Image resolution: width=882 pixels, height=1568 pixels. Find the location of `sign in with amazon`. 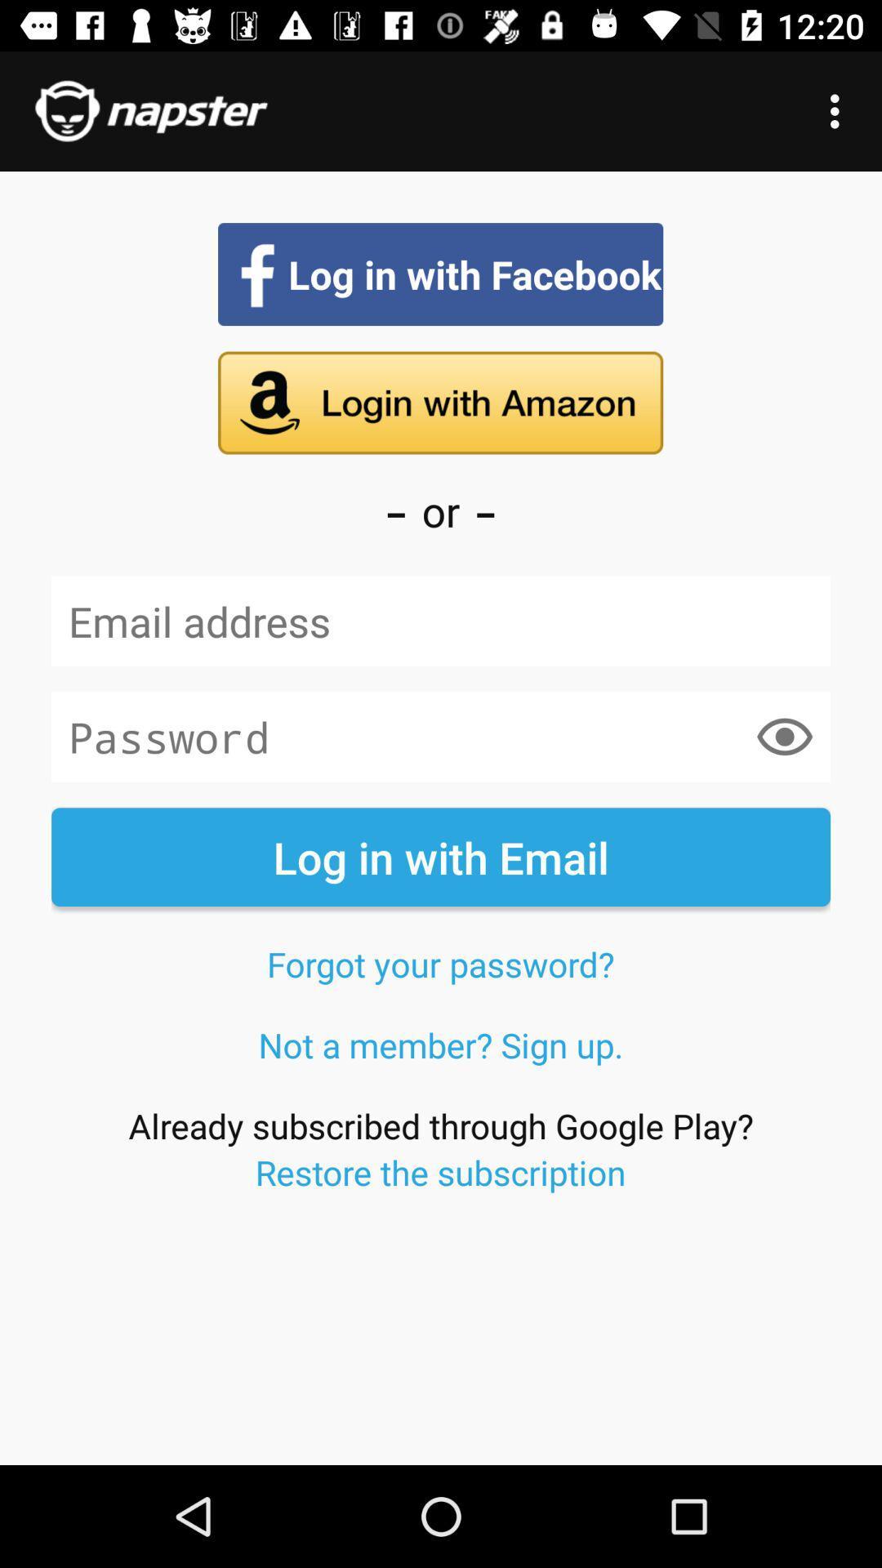

sign in with amazon is located at coordinates (439, 403).